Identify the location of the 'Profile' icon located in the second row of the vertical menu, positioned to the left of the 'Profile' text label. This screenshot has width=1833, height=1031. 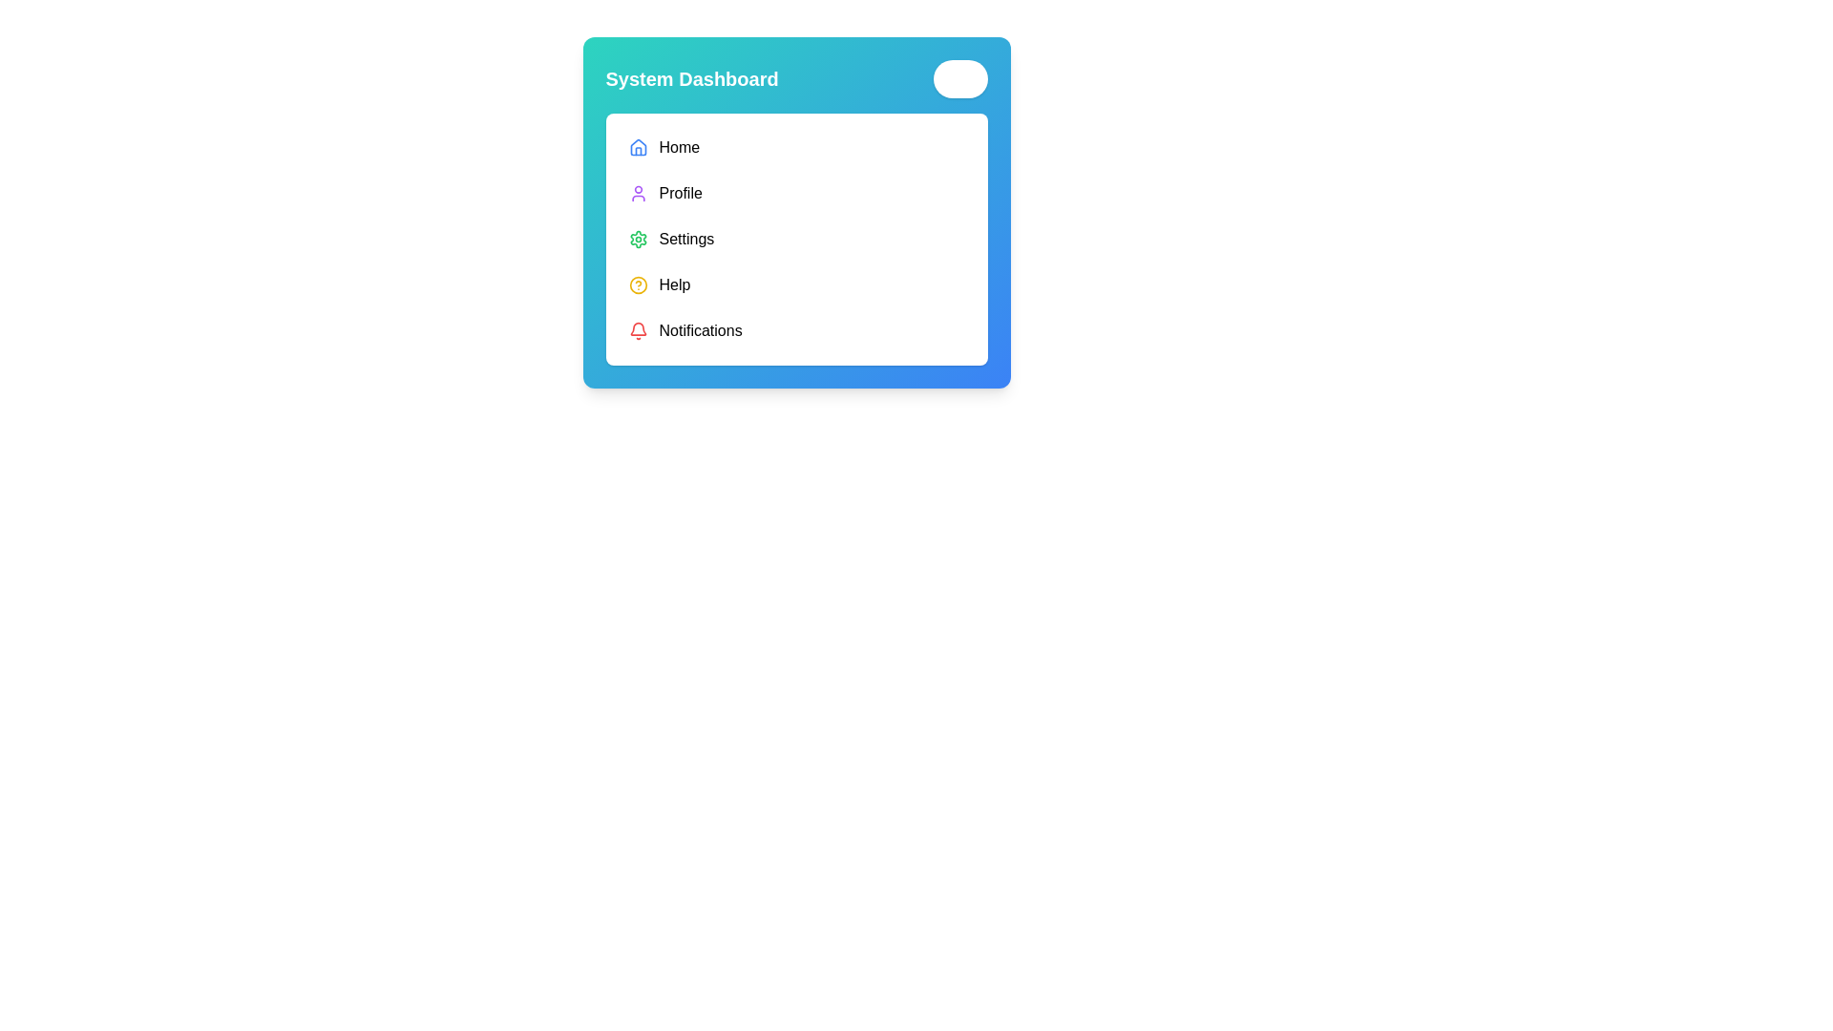
(638, 194).